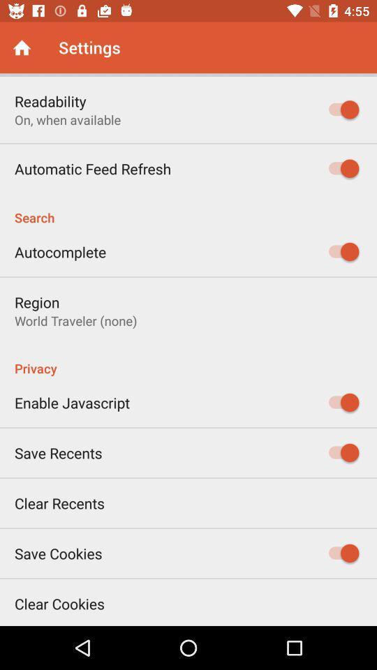 This screenshot has height=670, width=377. Describe the element at coordinates (72, 403) in the screenshot. I see `the enable javascript icon` at that location.